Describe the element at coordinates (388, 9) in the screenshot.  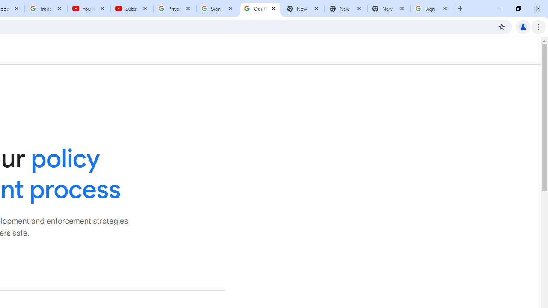
I see `'New Tab'` at that location.